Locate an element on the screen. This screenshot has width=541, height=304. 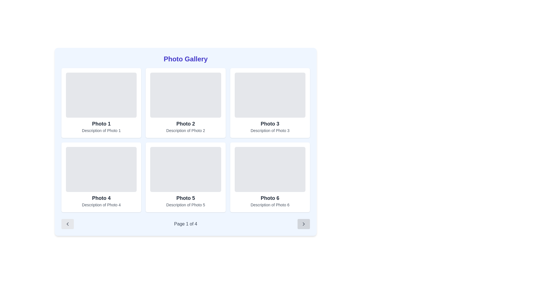
text label displaying 'Photo 6' in a large, bold font, located in the third column of the second row of the photo gallery interface is located at coordinates (270, 198).